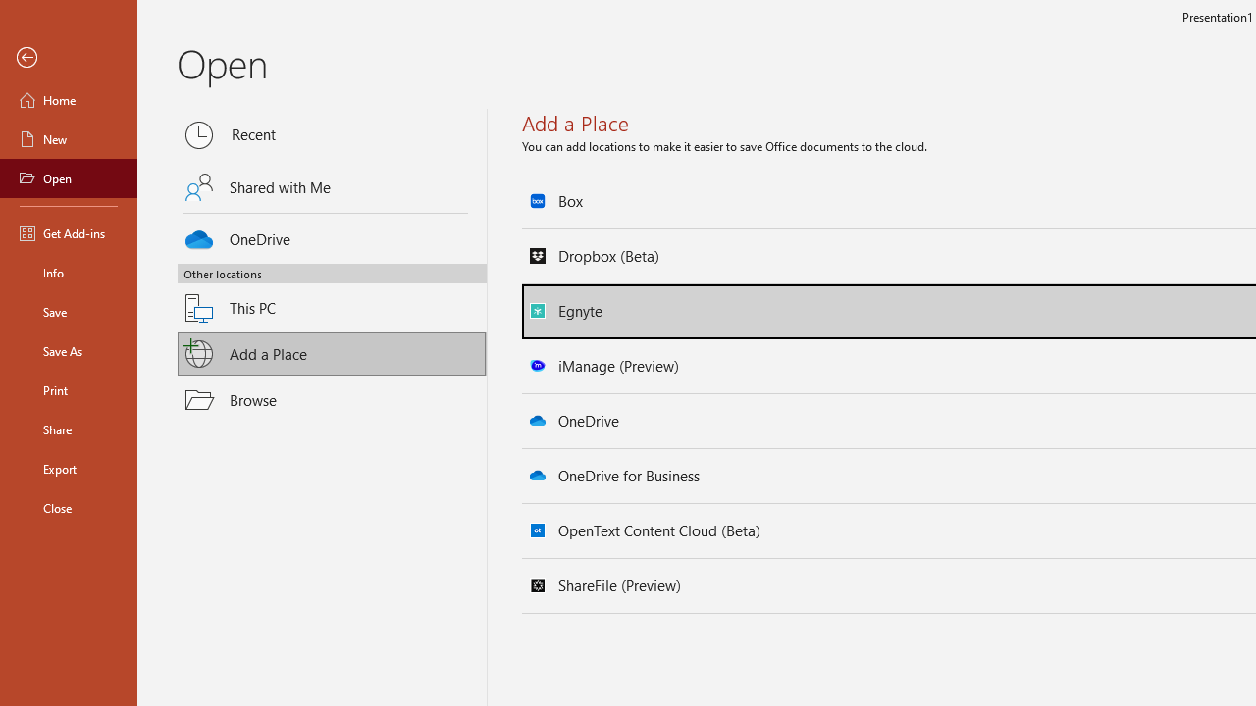 This screenshot has height=706, width=1256. I want to click on 'Get Add-ins', so click(68, 231).